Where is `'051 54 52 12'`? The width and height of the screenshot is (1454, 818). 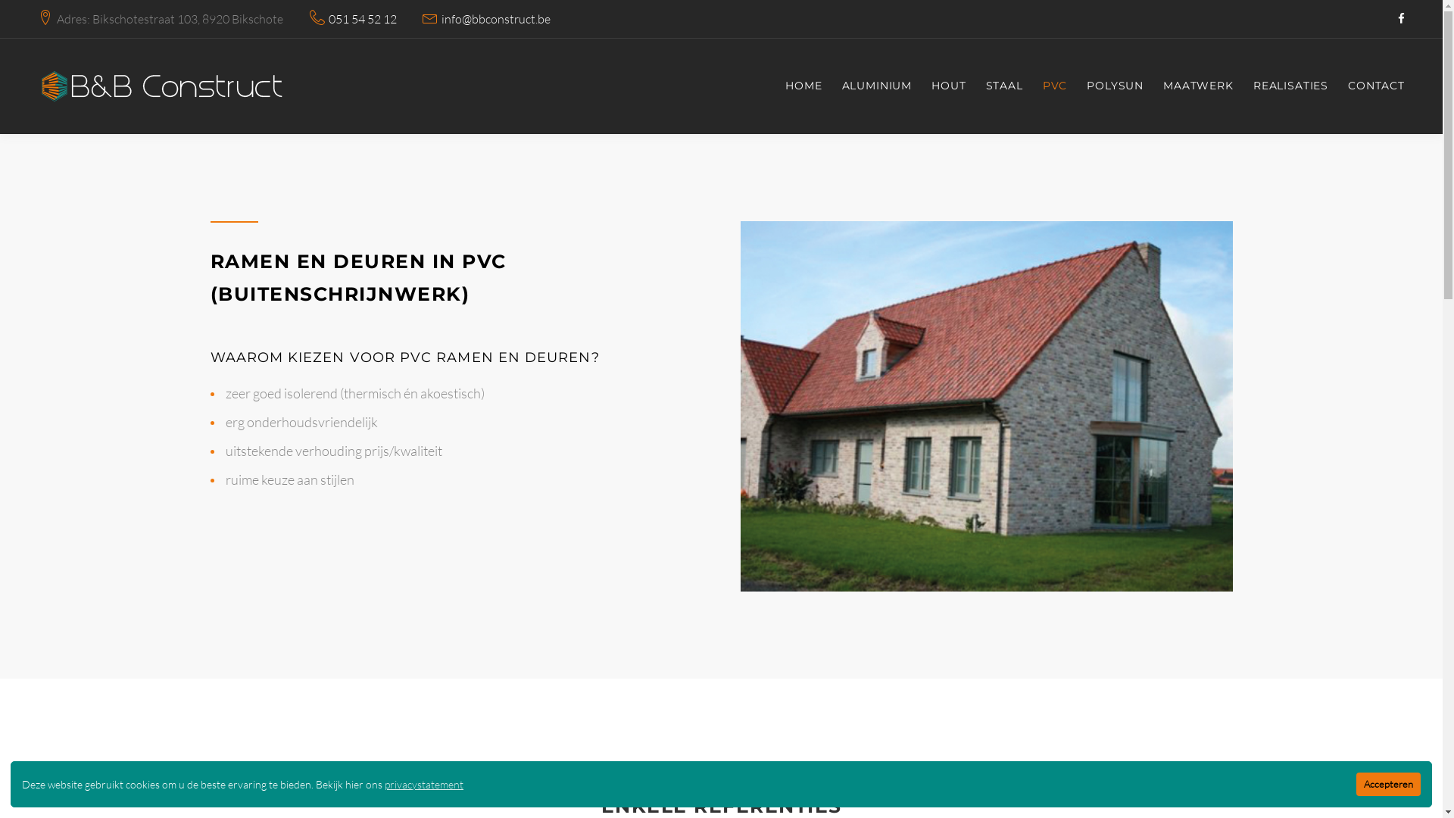
'051 54 52 12' is located at coordinates (362, 19).